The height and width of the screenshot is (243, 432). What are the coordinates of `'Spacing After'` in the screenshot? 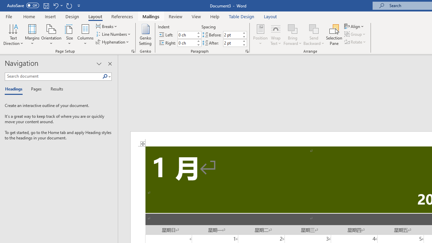 It's located at (232, 43).